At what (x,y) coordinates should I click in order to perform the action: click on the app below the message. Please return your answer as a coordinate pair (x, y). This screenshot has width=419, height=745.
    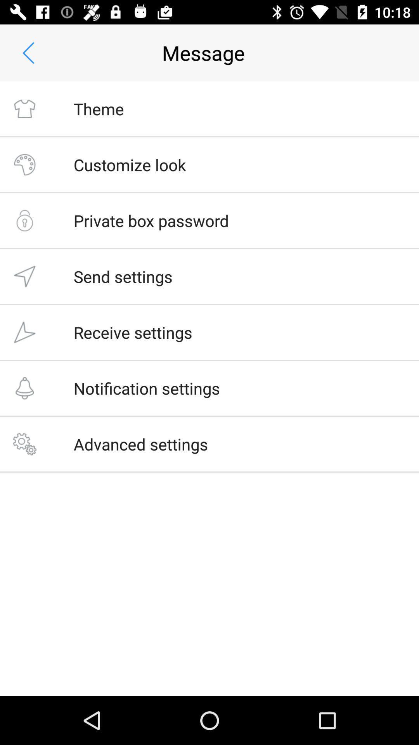
    Looking at the image, I should click on (98, 108).